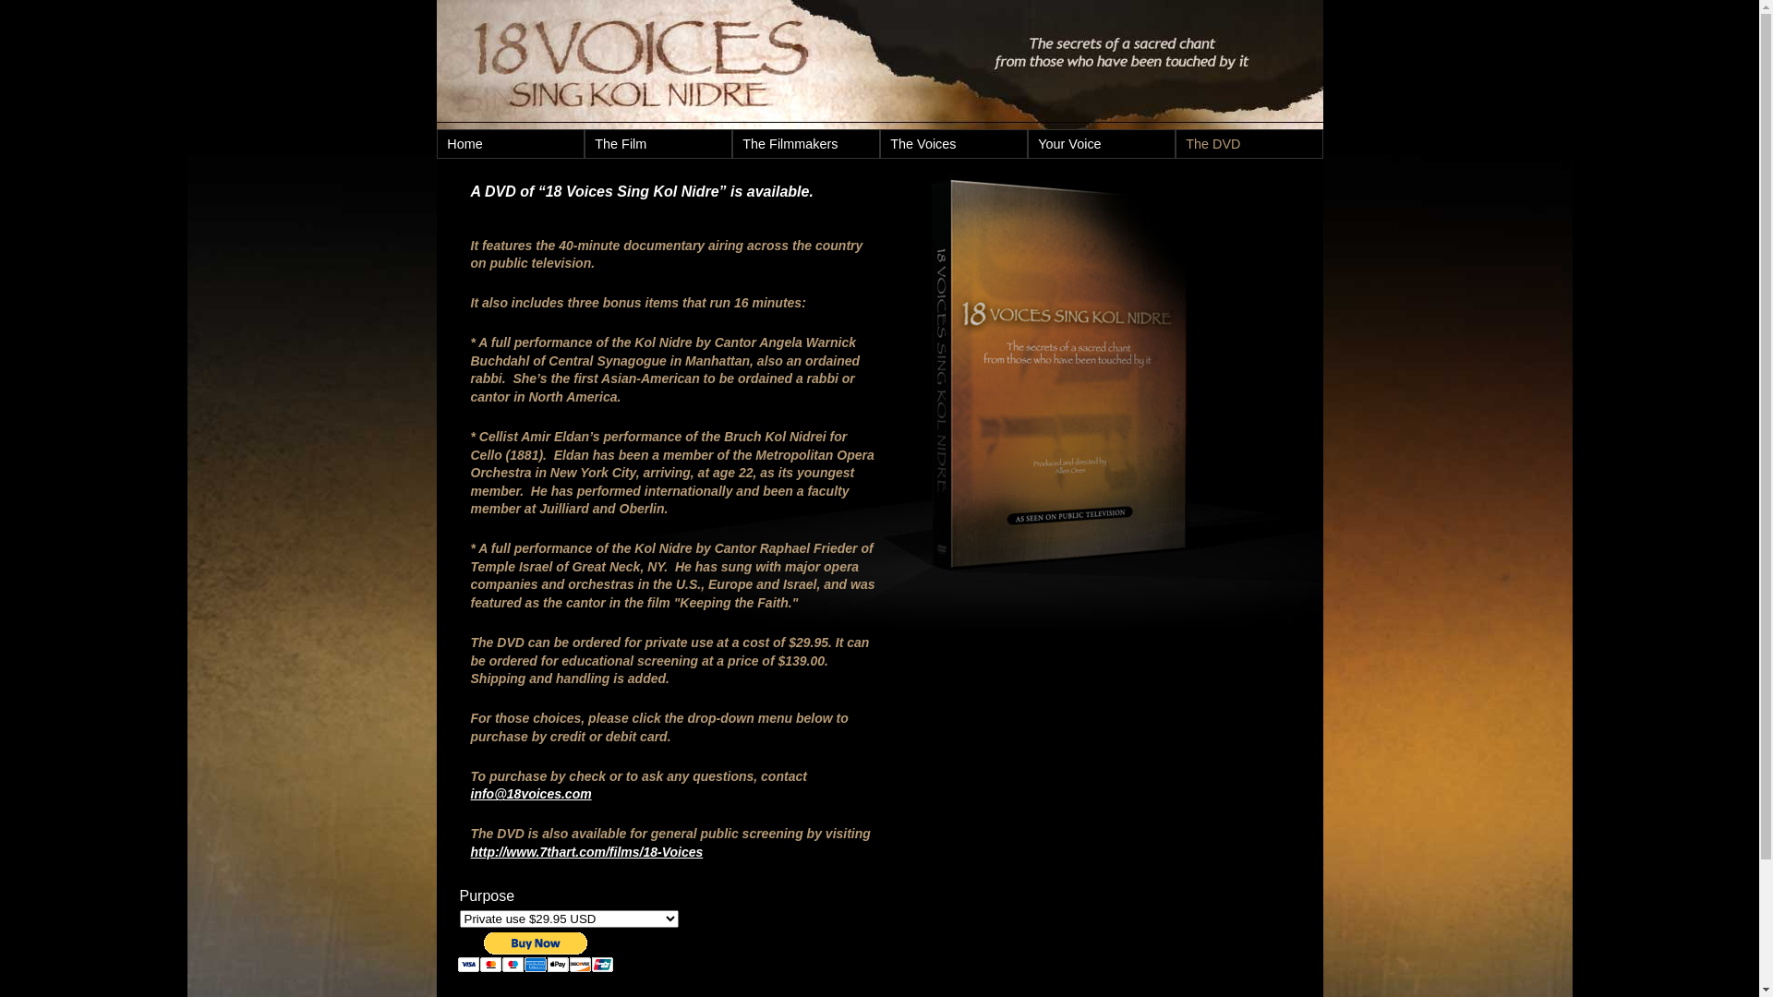  What do you see at coordinates (1102, 142) in the screenshot?
I see `'Your Voice'` at bounding box center [1102, 142].